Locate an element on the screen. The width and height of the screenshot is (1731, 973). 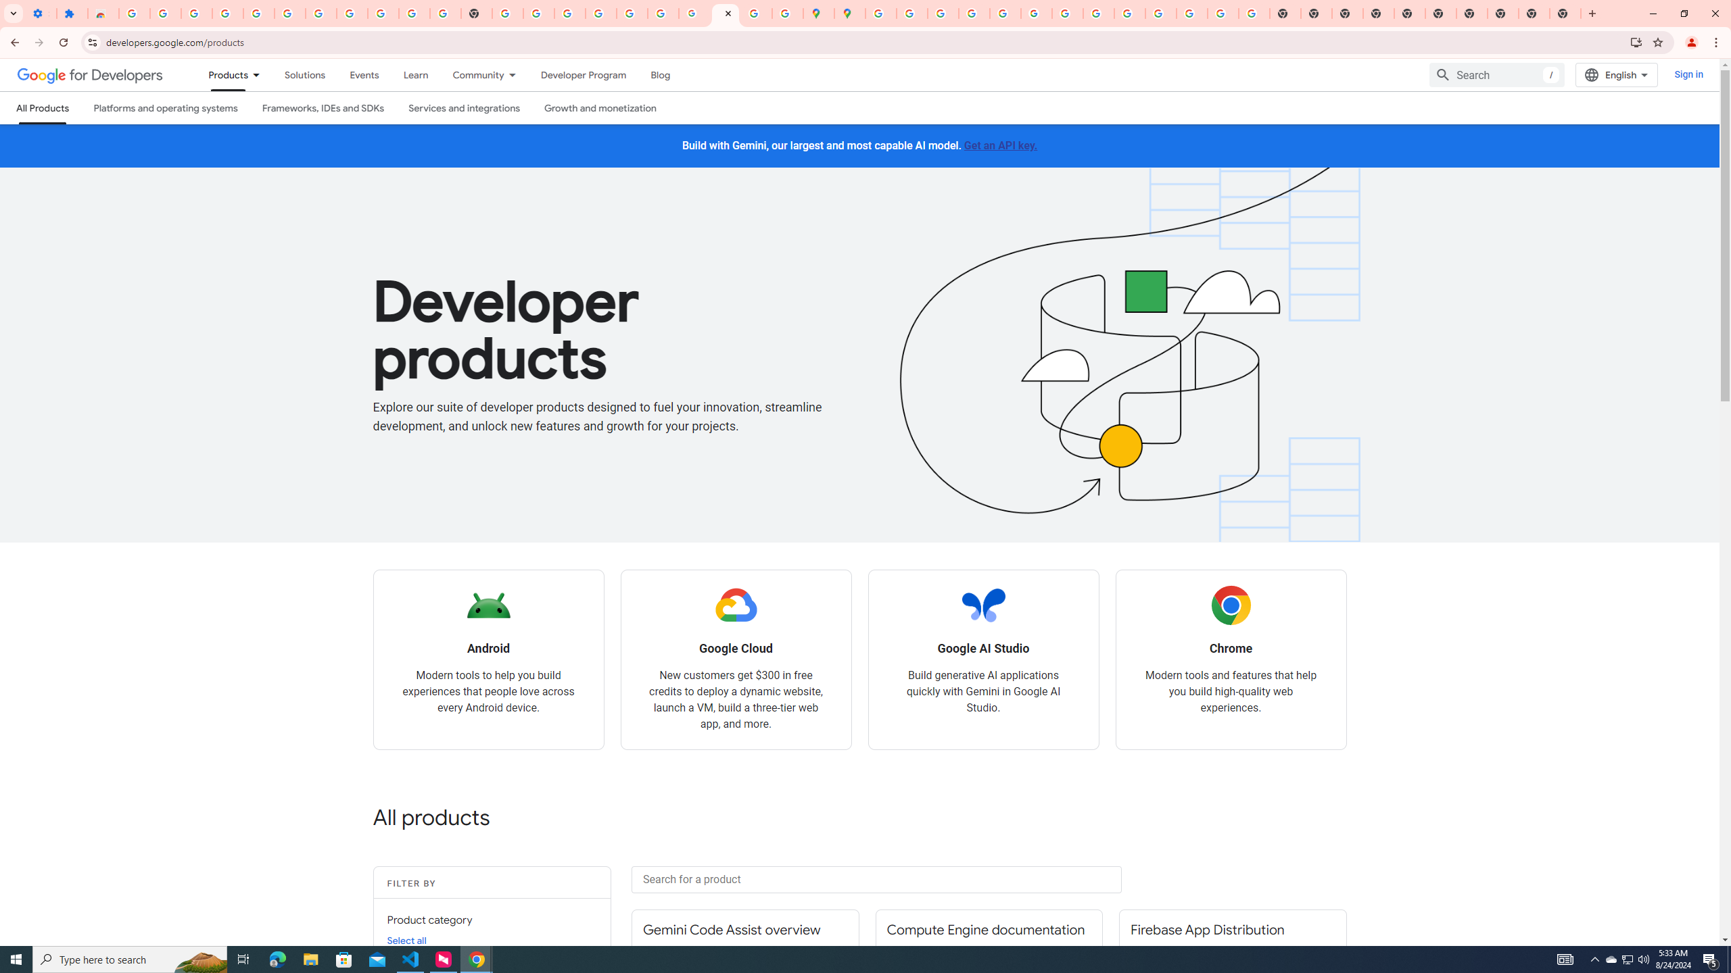
'Extensions' is located at coordinates (71, 13).